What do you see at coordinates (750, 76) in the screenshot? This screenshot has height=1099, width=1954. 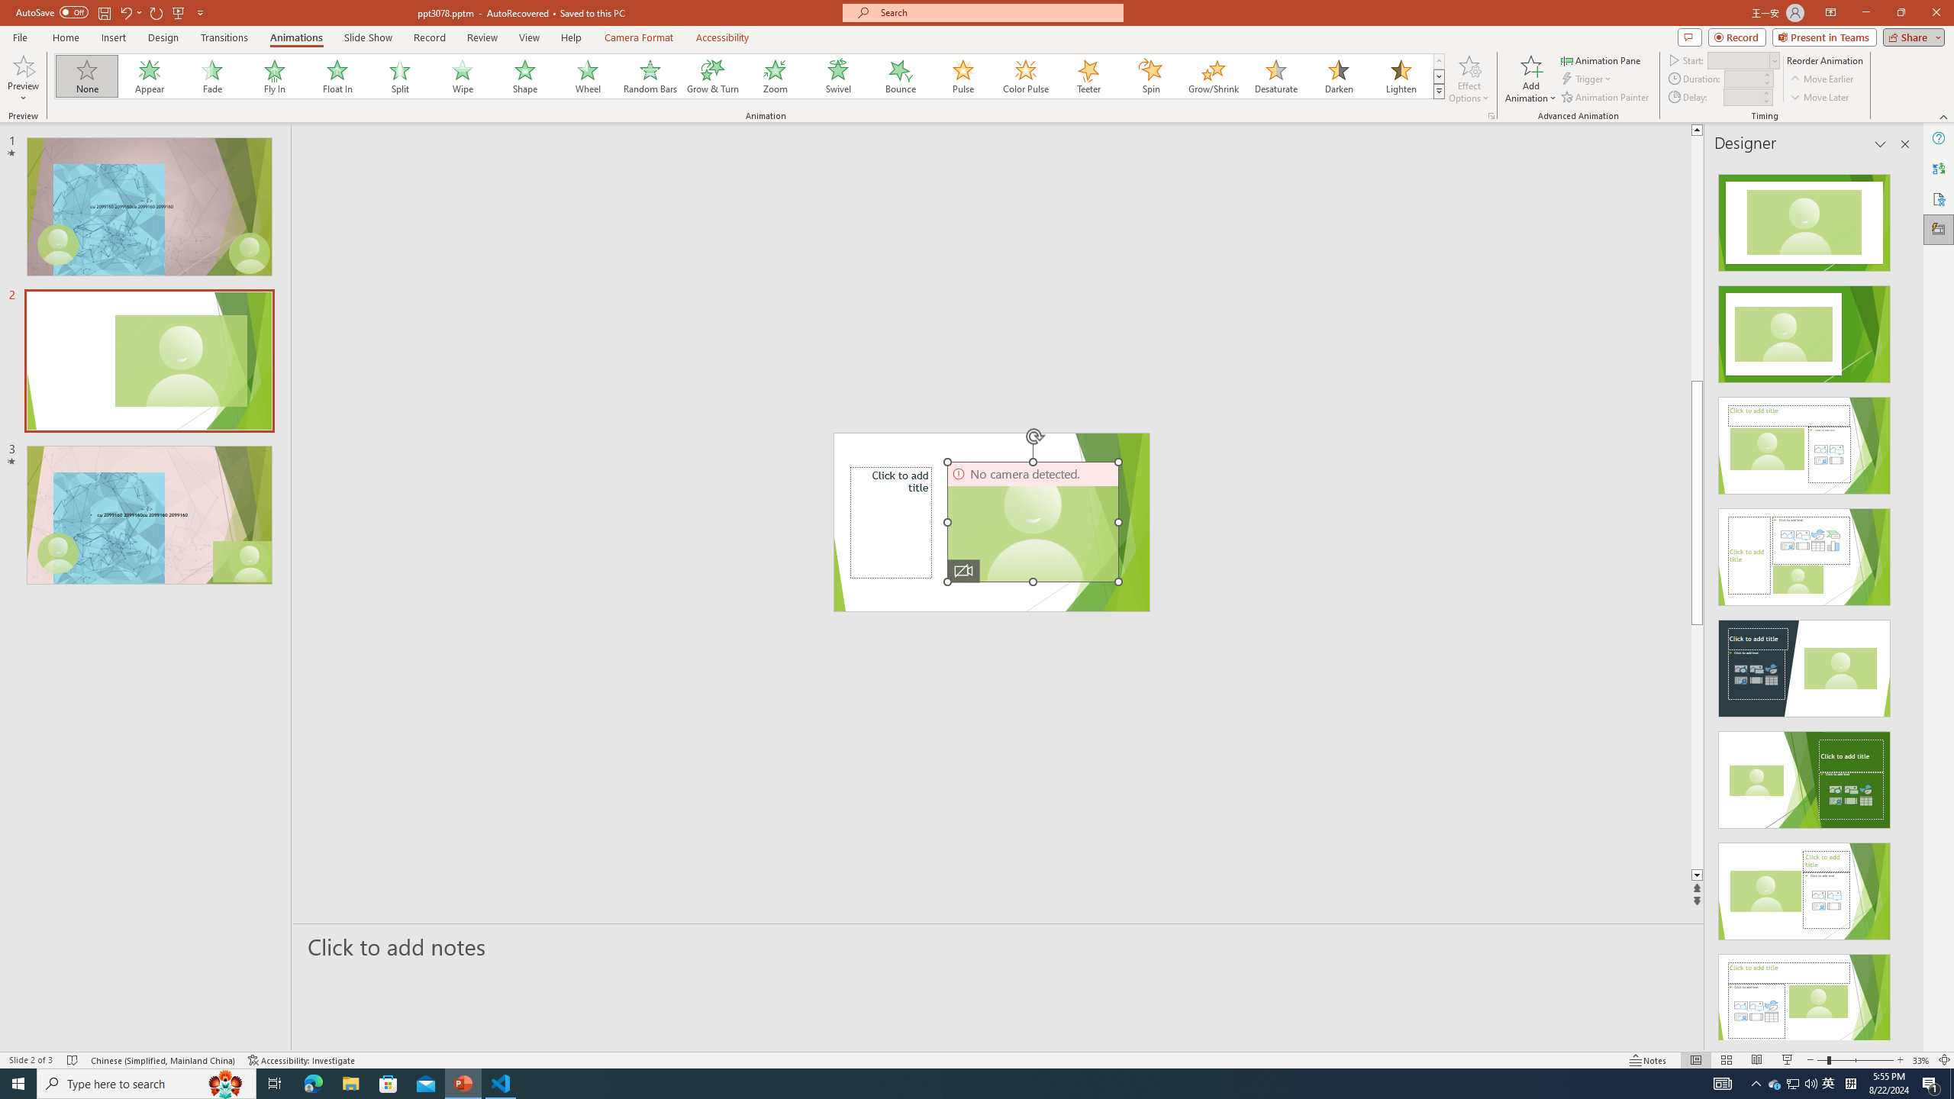 I see `'AutomationID: AnimationGallery'` at bounding box center [750, 76].